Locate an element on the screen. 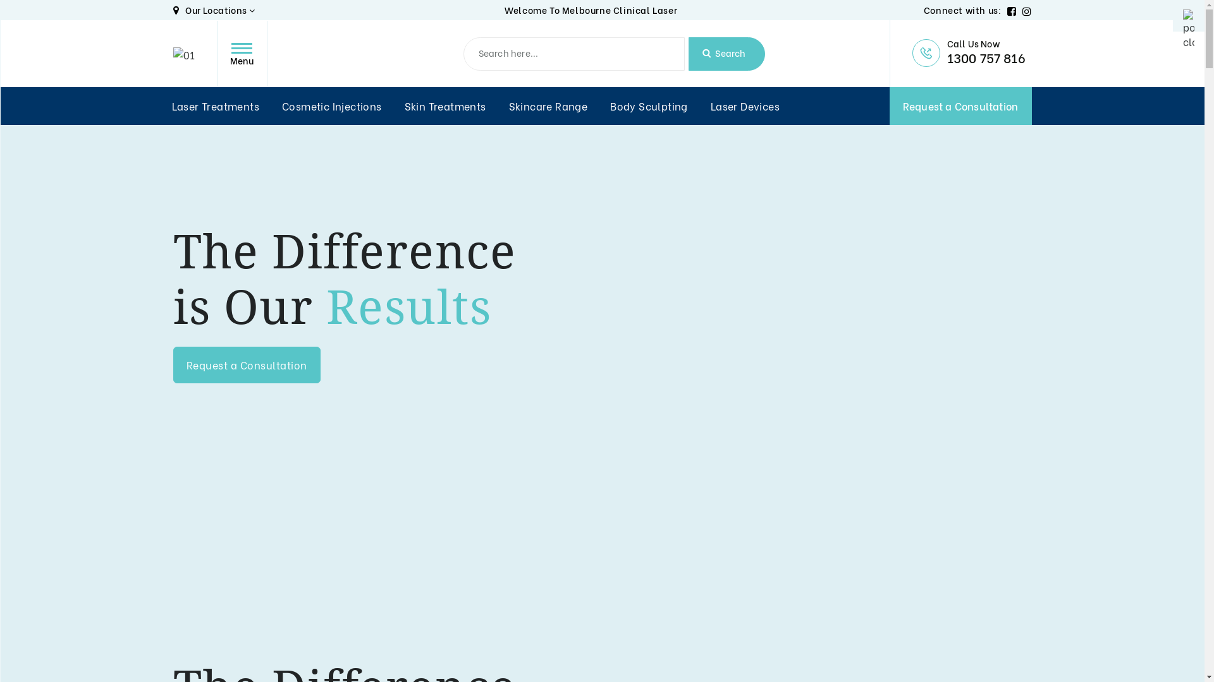 The width and height of the screenshot is (1214, 682). 'Laser Devices' is located at coordinates (710, 105).